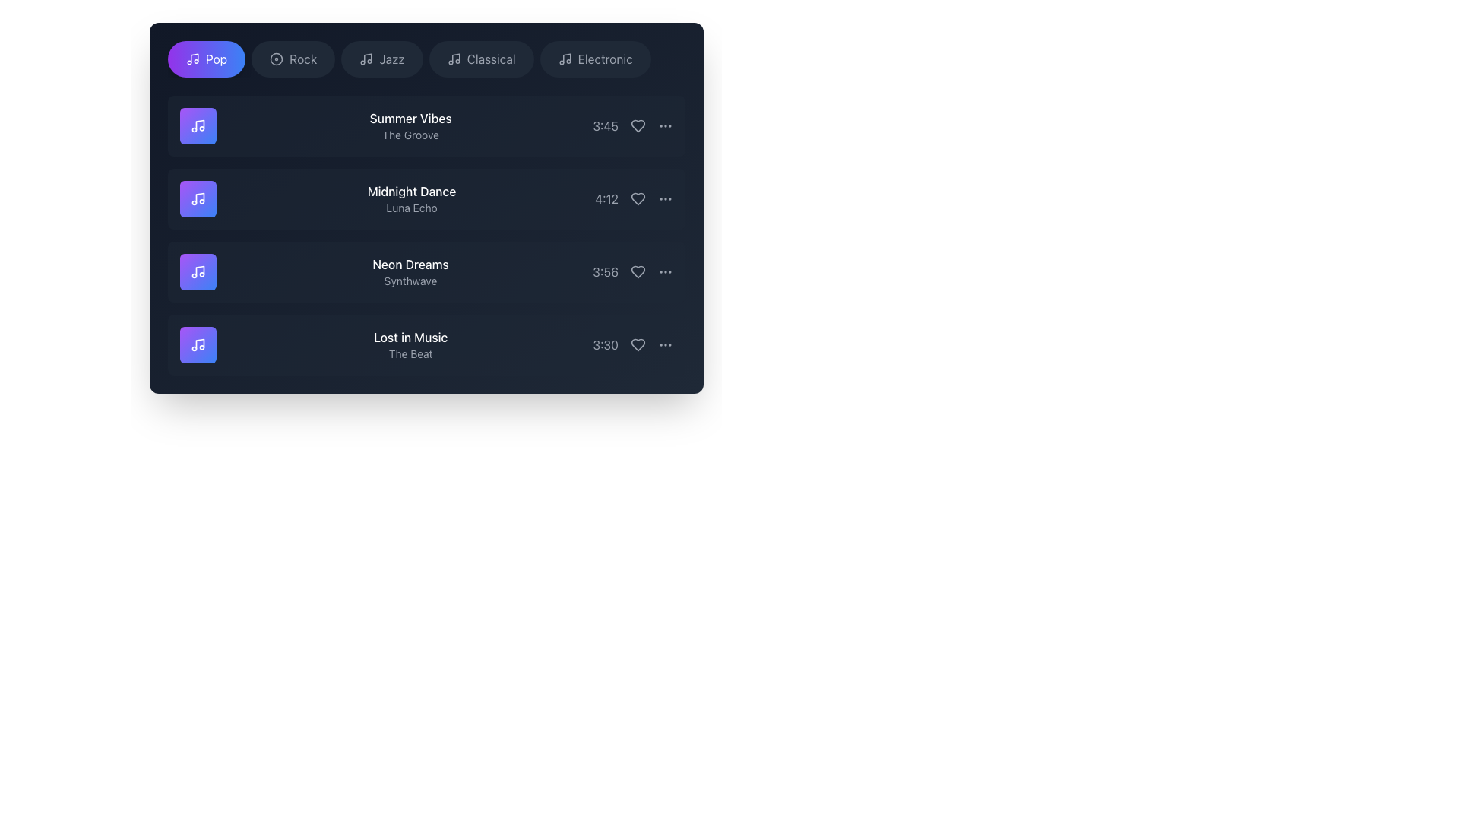 This screenshot has width=1459, height=821. I want to click on the fourth list item representing a media track titled 'Pop', so click(426, 345).